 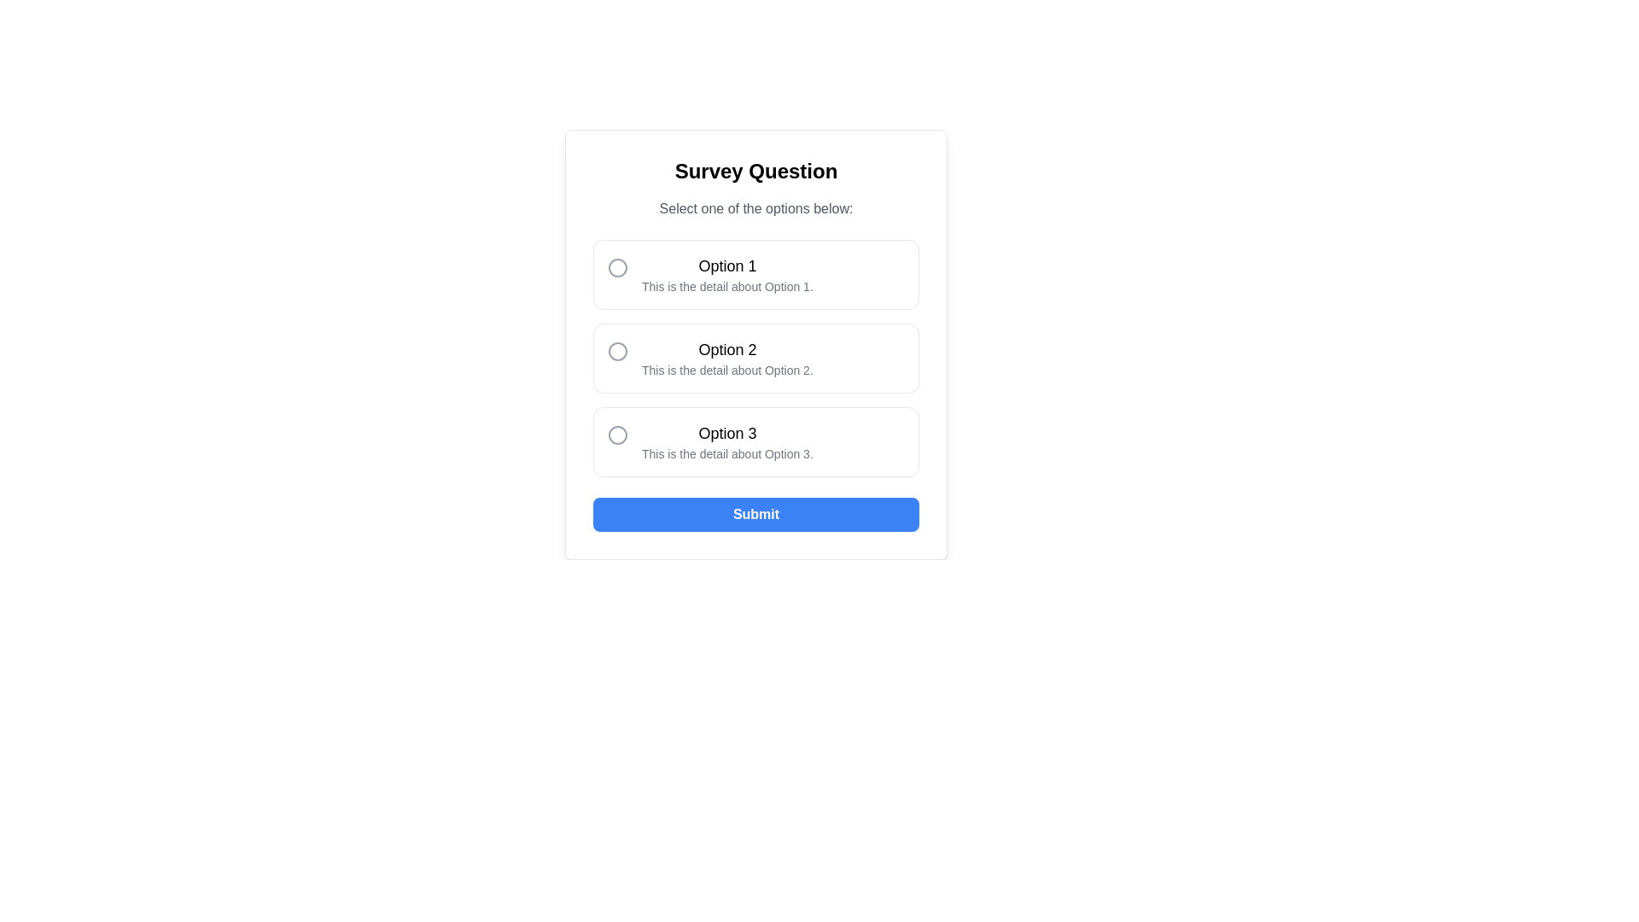 What do you see at coordinates (755, 273) in the screenshot?
I see `the radio button labeled 'Option 1'` at bounding box center [755, 273].